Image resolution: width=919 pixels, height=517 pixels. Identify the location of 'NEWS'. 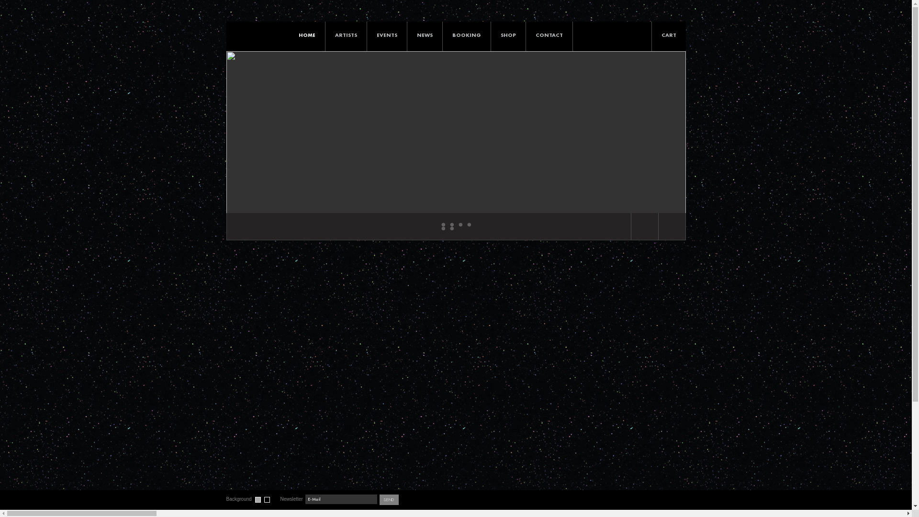
(406, 34).